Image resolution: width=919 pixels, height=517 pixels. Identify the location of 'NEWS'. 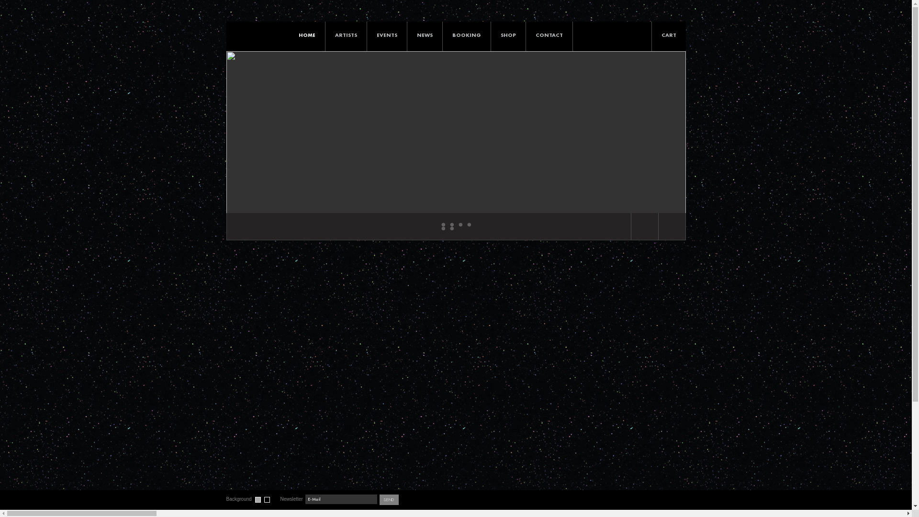
(406, 34).